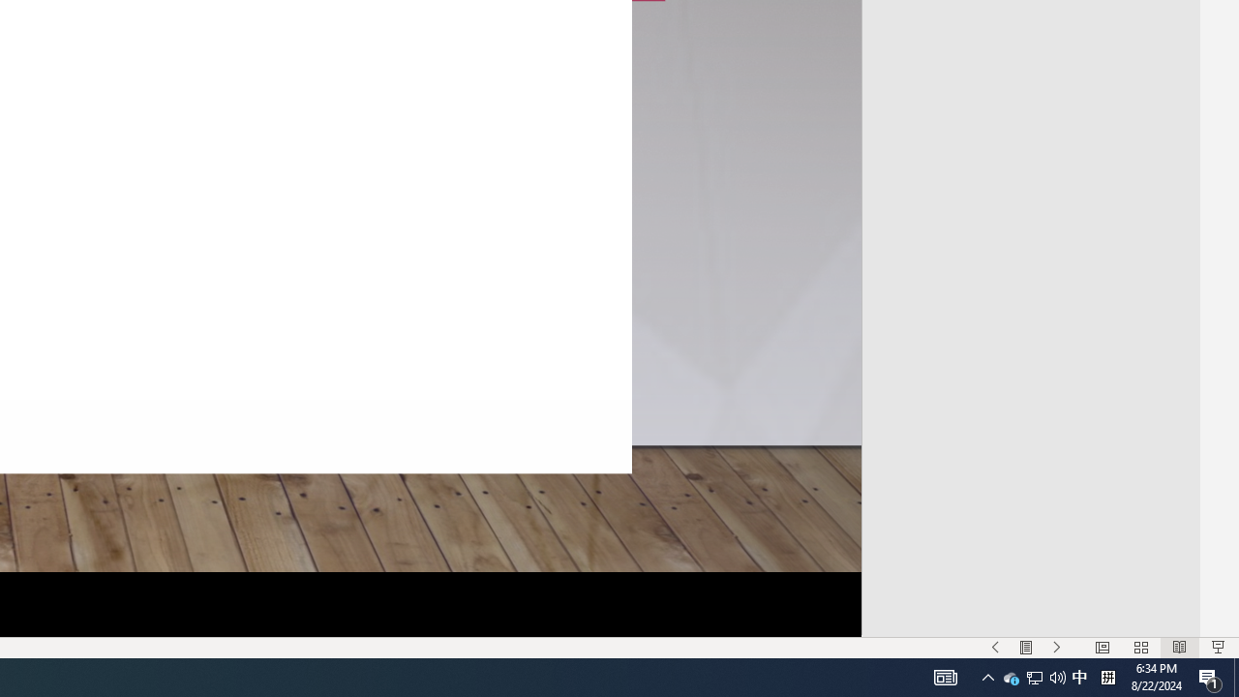 The height and width of the screenshot is (697, 1239). Describe the element at coordinates (995, 648) in the screenshot. I see `'Slide Show Previous On'` at that location.